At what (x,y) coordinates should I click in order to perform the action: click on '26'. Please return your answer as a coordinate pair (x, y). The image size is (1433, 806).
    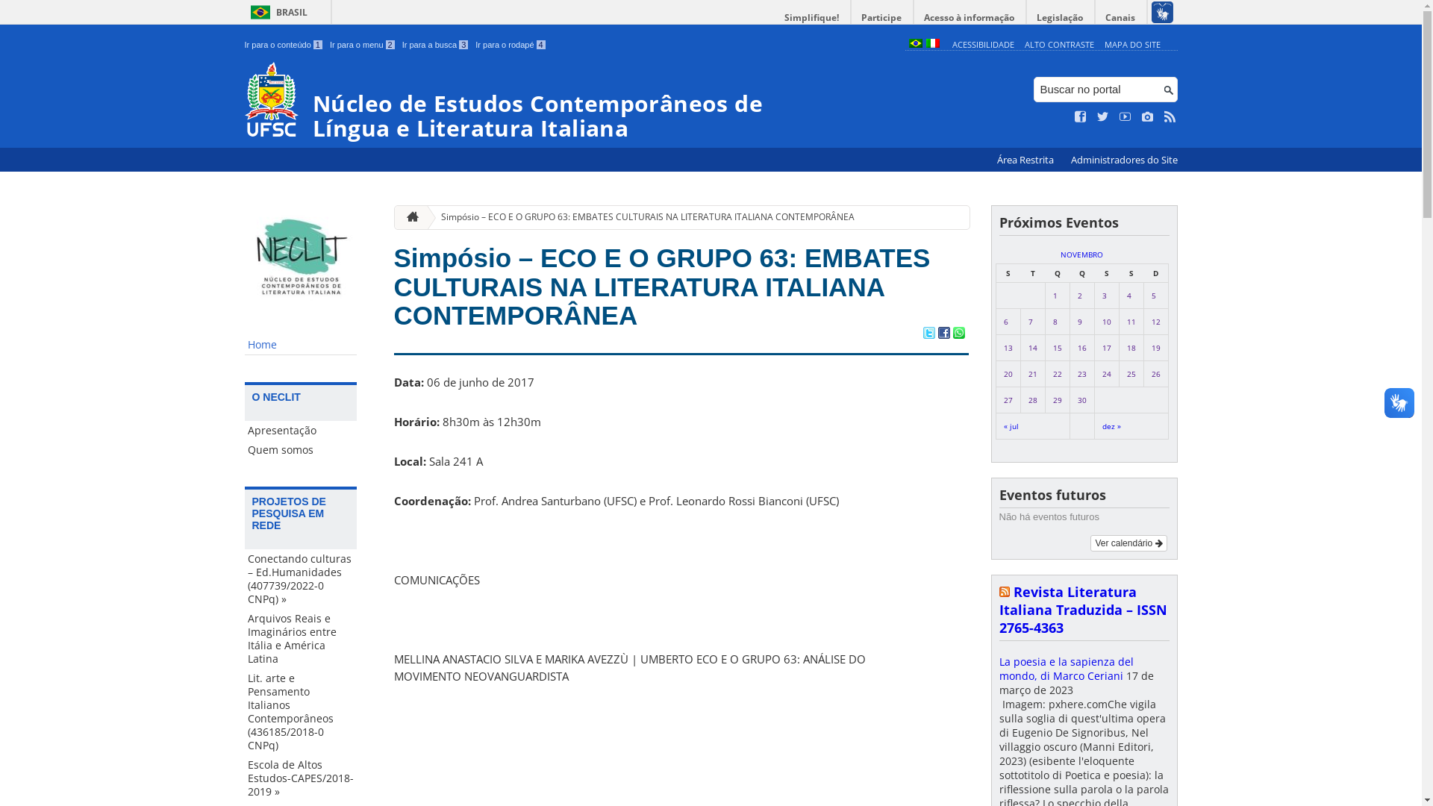
    Looking at the image, I should click on (1154, 373).